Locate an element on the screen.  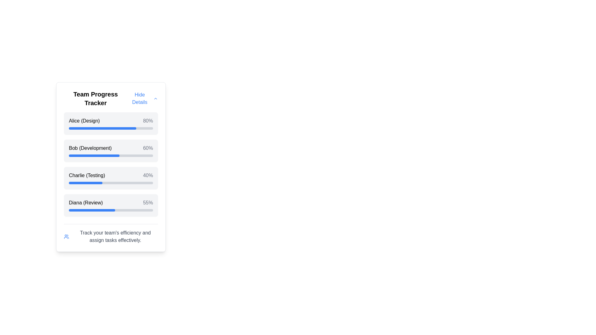
the filled portion of the progress indicator for 'Alice (Design)', which is a blue bar contained within a gray progress bar, located under the label and percentage value is located at coordinates (102, 128).